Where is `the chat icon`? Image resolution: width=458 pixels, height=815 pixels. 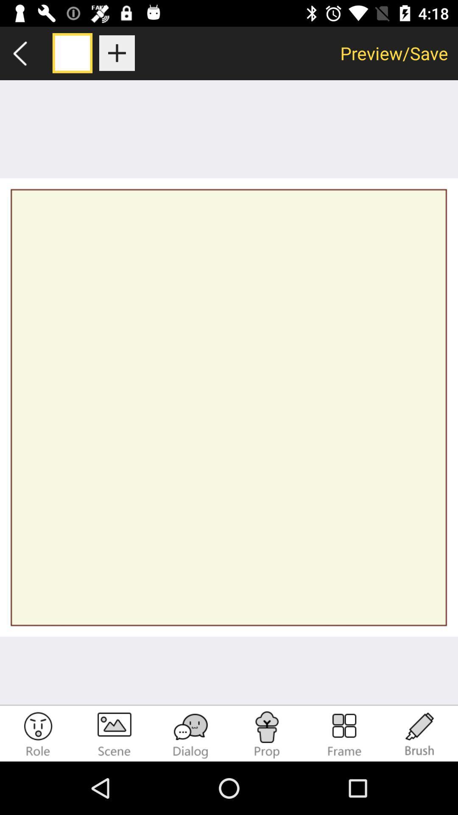 the chat icon is located at coordinates (191, 734).